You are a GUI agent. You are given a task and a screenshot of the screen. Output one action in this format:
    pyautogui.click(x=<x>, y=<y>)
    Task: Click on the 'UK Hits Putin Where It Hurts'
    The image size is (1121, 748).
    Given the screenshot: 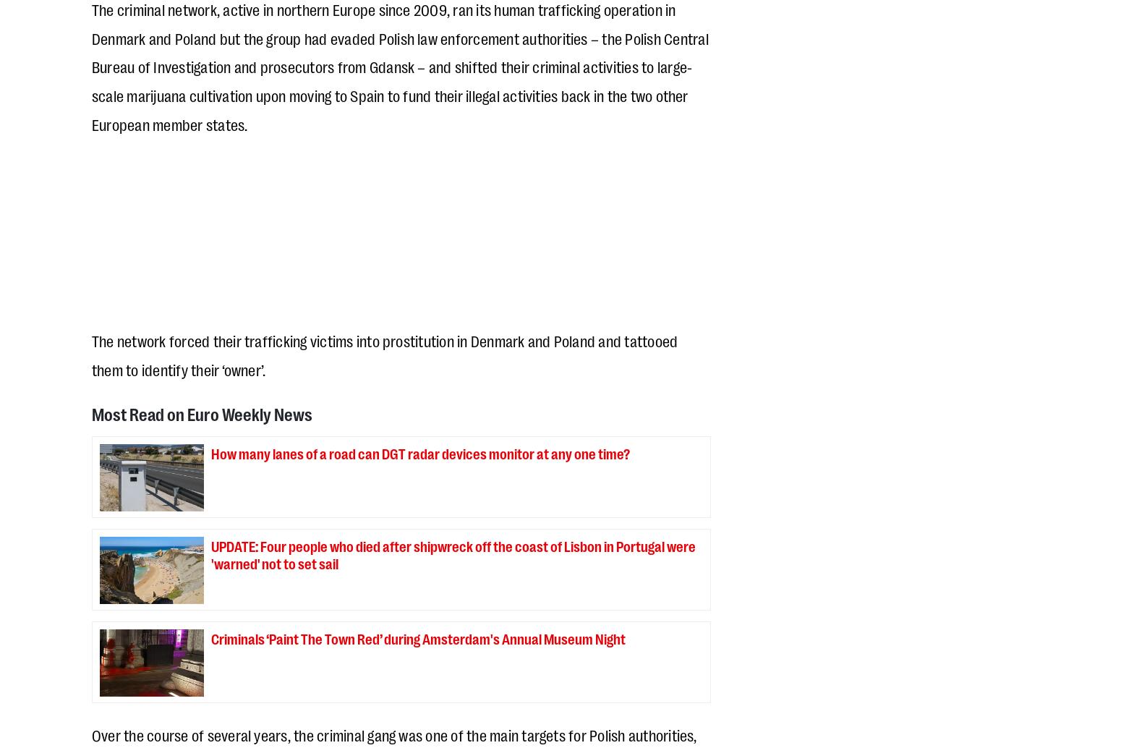 What is the action you would take?
    pyautogui.click(x=524, y=135)
    